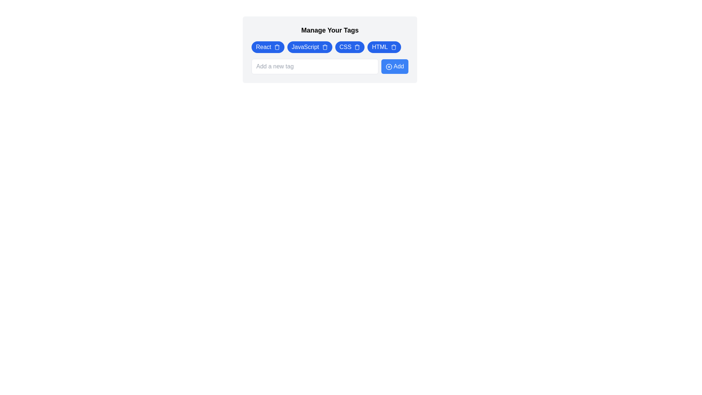 This screenshot has height=395, width=702. What do you see at coordinates (324, 47) in the screenshot?
I see `the delete icon button for the 'JavaScript' tag to potentially see a tooltip` at bounding box center [324, 47].